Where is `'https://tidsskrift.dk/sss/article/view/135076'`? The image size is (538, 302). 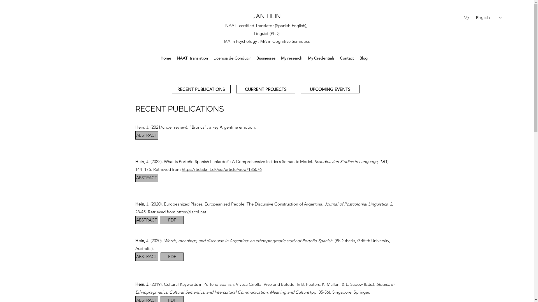
'https://tidsskrift.dk/sss/article/view/135076' is located at coordinates (221, 169).